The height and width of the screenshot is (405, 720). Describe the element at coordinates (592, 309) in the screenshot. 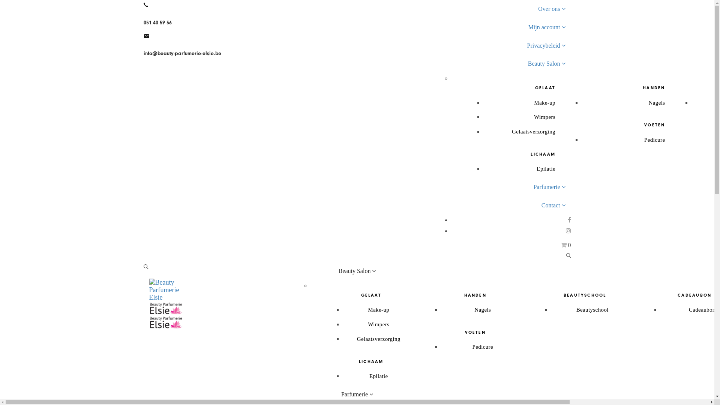

I see `'Beautyschool'` at that location.